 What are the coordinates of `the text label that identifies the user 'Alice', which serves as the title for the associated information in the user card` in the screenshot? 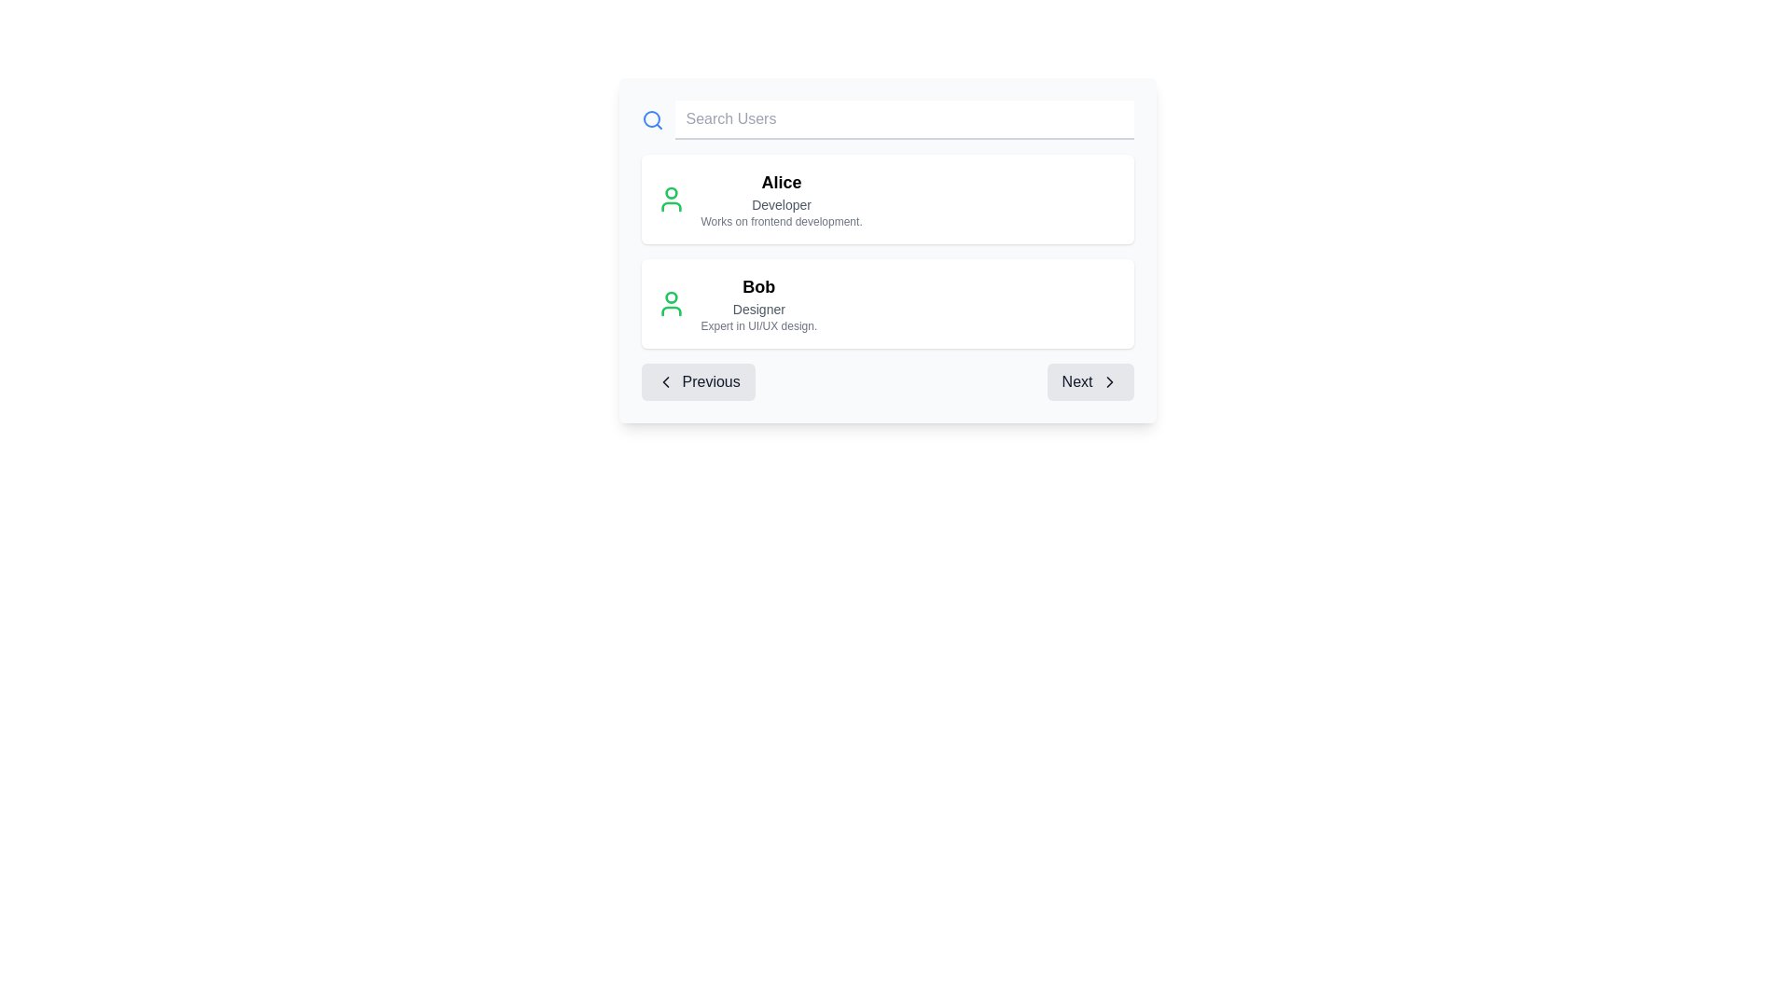 It's located at (782, 183).